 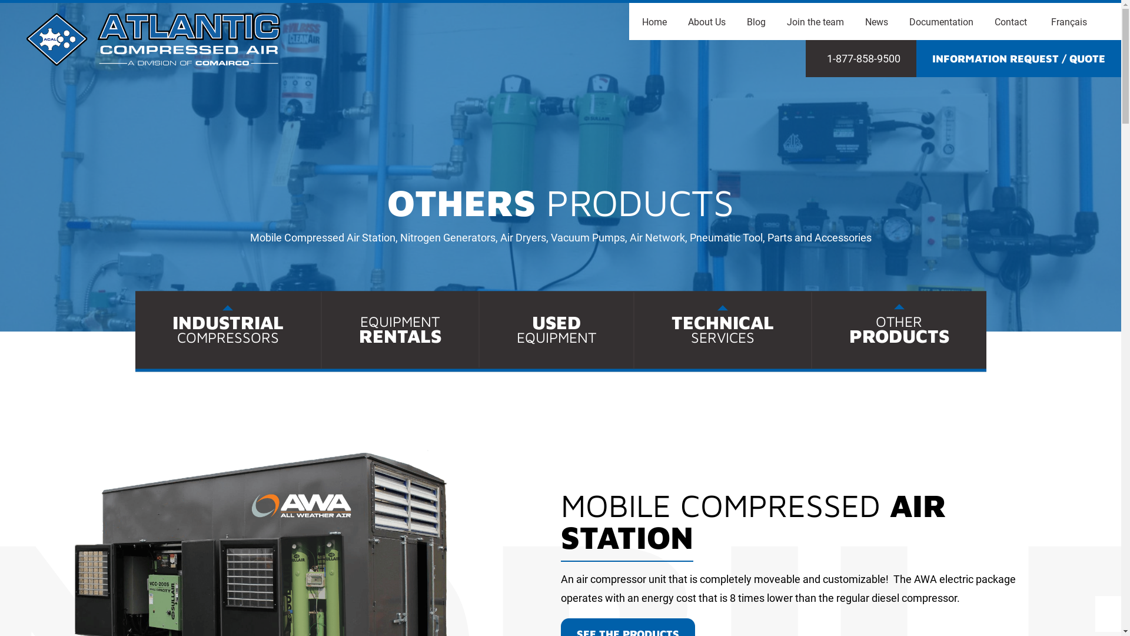 I want to click on 'OTHER, so click(x=898, y=329).